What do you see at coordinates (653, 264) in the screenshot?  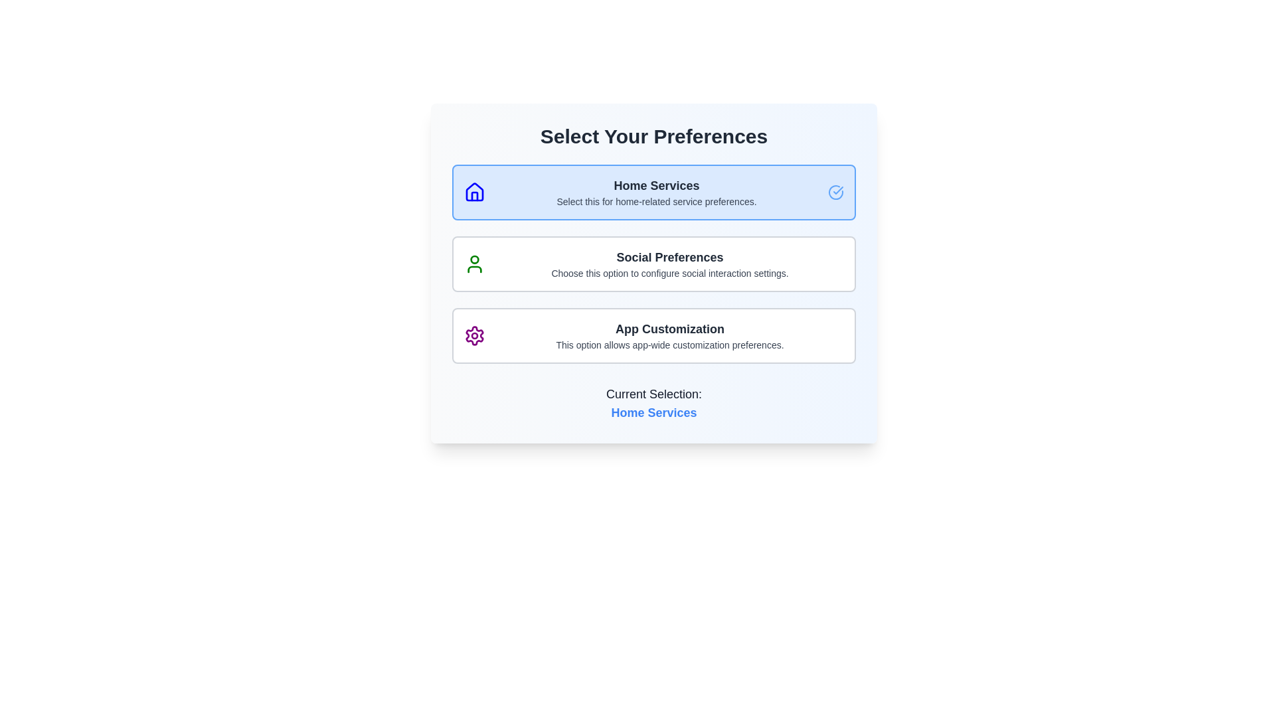 I see `the 'Social Preferences' option in the Information Panel` at bounding box center [653, 264].